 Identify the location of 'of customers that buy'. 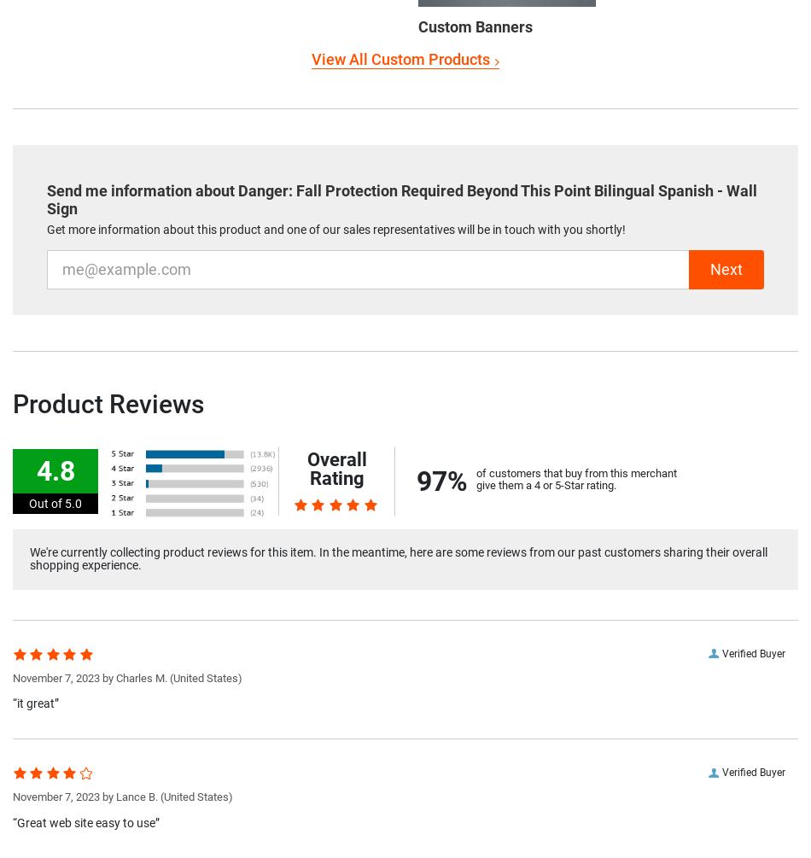
(528, 471).